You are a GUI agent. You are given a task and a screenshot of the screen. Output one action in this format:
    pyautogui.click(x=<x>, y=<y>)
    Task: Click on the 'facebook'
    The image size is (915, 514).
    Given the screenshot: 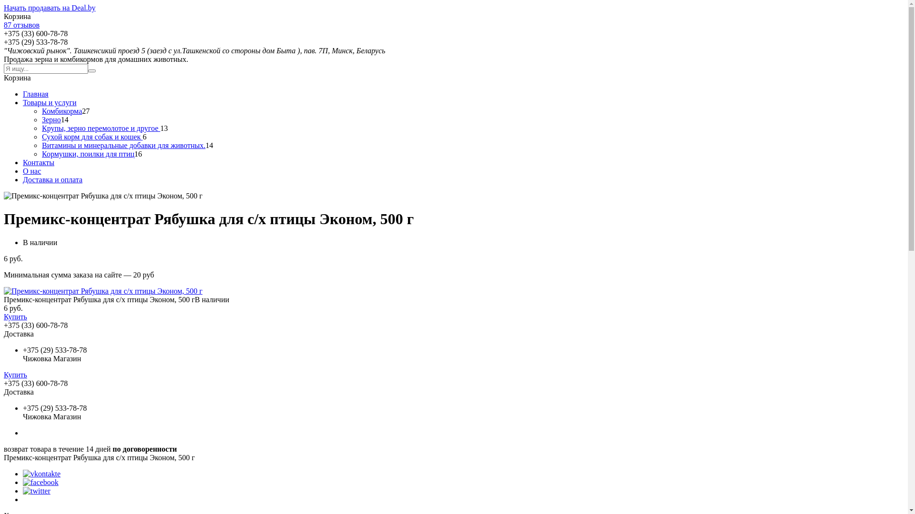 What is the action you would take?
    pyautogui.click(x=23, y=482)
    